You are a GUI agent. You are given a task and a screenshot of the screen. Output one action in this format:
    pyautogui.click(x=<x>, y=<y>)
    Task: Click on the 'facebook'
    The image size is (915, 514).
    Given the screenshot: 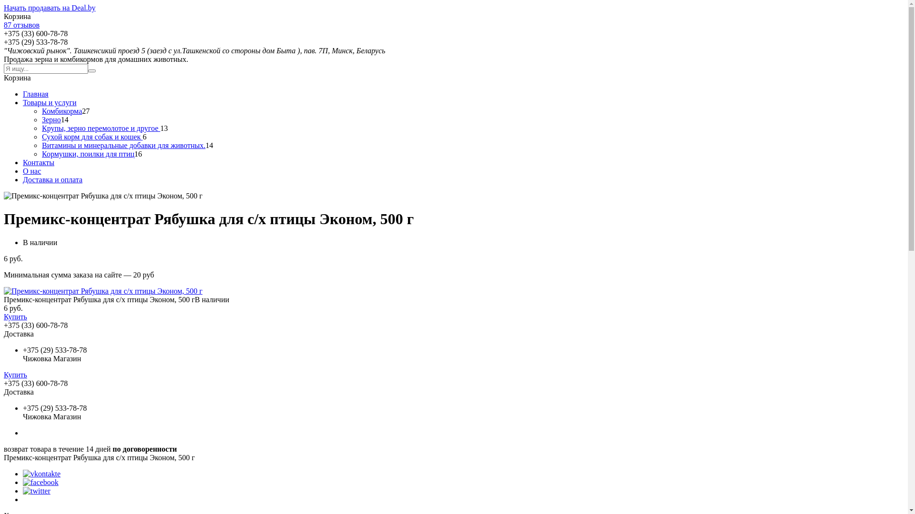 What is the action you would take?
    pyautogui.click(x=23, y=482)
    